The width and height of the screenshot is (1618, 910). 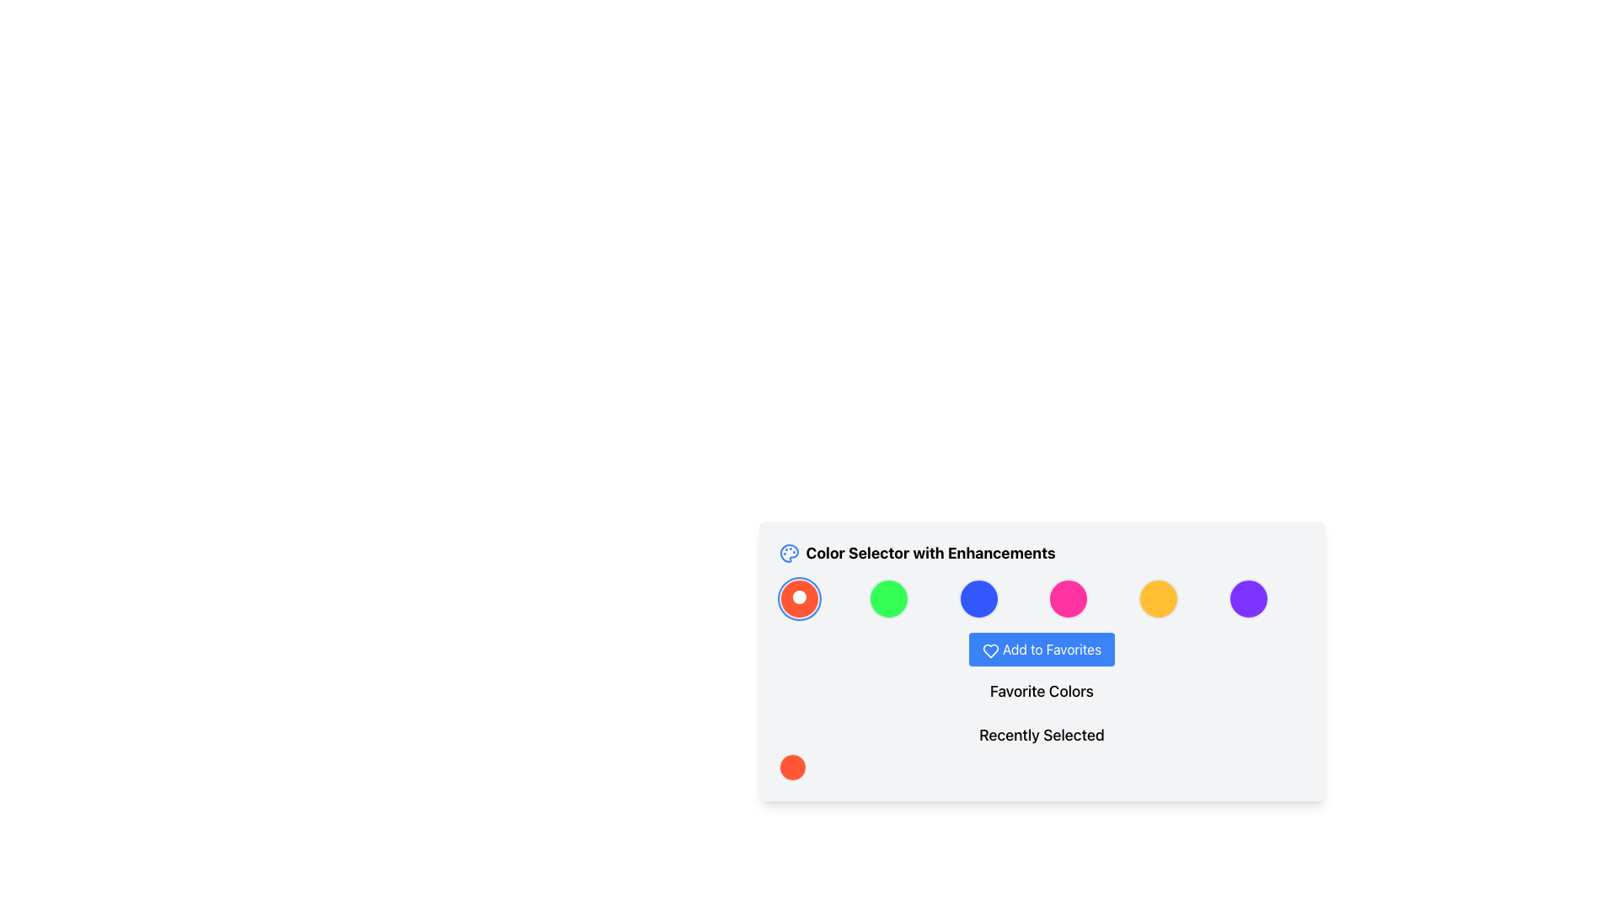 I want to click on the decorative icon representing the 'Color Selector' section, located in the top-left corner of the 'Color Selector with Enhancements' section, positioned to the left of the text label, so click(x=788, y=553).